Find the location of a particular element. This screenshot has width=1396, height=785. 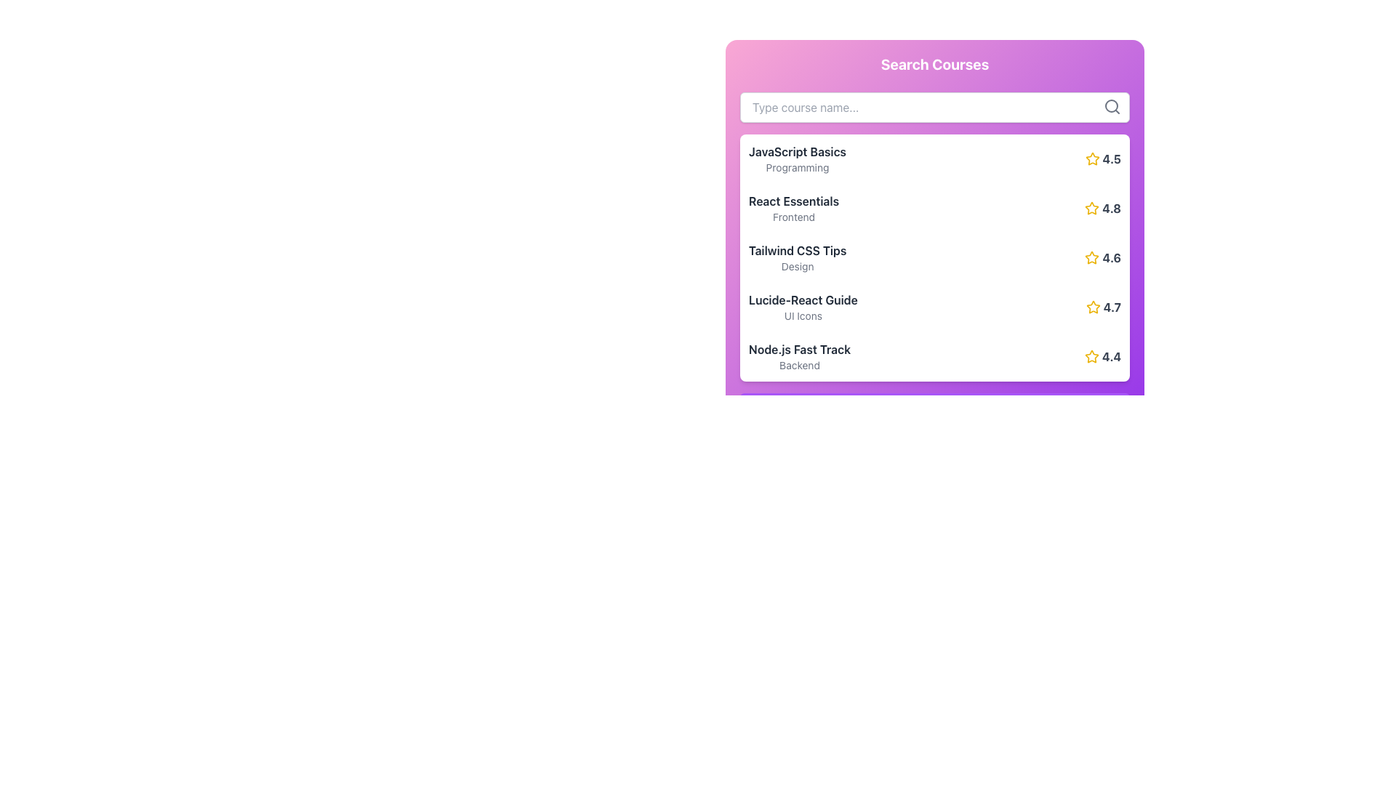

the third star icon representing a rating of '4.6' in the 'Search Courses' panel is located at coordinates (1092, 257).